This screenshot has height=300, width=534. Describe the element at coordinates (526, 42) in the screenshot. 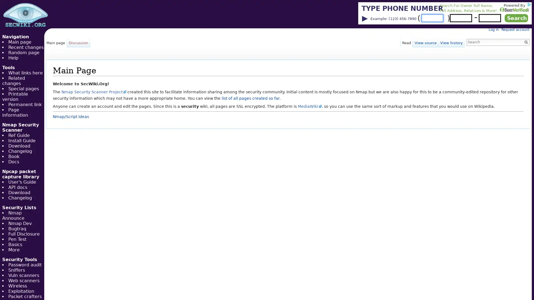

I see `Go` at that location.